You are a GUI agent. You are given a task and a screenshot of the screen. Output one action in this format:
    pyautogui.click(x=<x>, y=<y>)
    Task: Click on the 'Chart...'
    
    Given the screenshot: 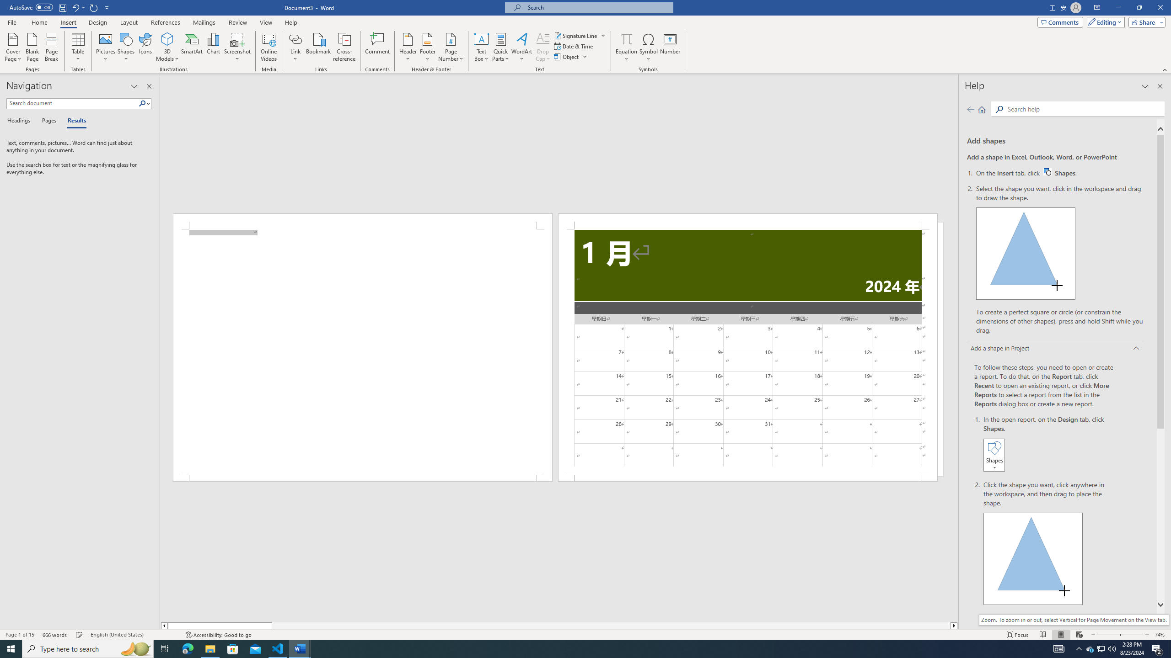 What is the action you would take?
    pyautogui.click(x=213, y=47)
    